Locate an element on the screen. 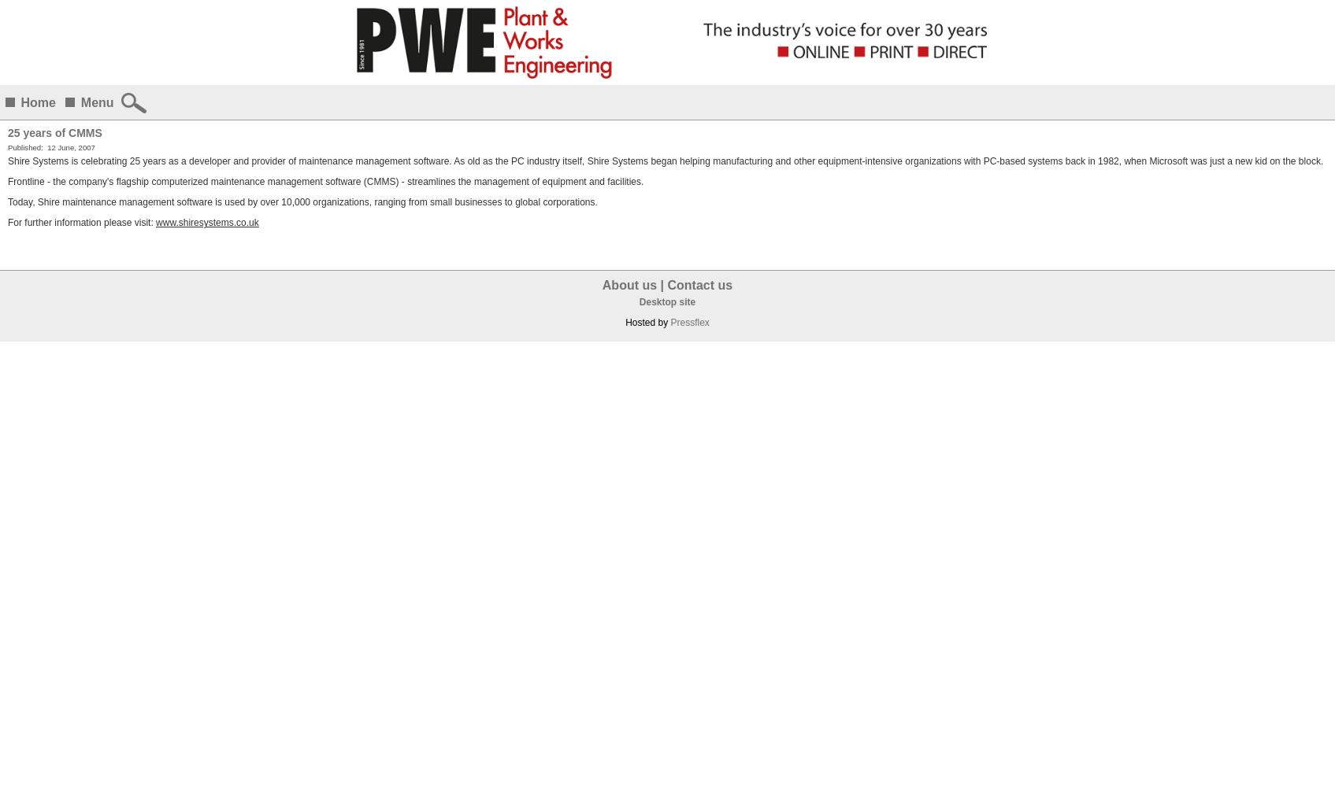 The width and height of the screenshot is (1335, 787). 'For further information please visit:' is located at coordinates (81, 223).